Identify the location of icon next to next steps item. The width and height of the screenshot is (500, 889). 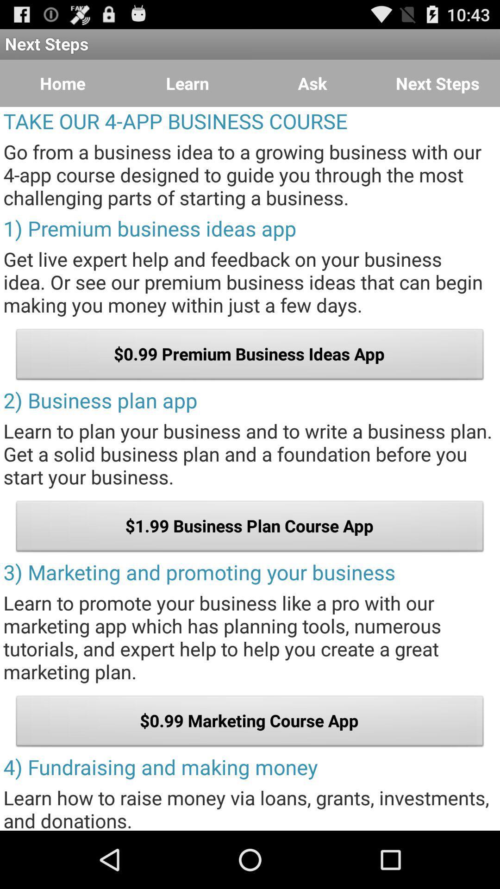
(312, 83).